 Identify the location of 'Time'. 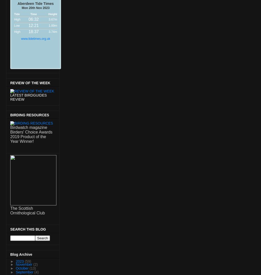
(33, 14).